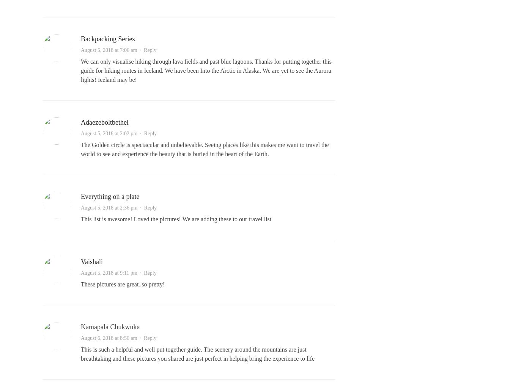  What do you see at coordinates (197, 353) in the screenshot?
I see `'This is such a helpful and well put together guide. The scenery around the mountains are just breathtaking and these pictures you shared are just perfect in helping bring the experience to life'` at bounding box center [197, 353].